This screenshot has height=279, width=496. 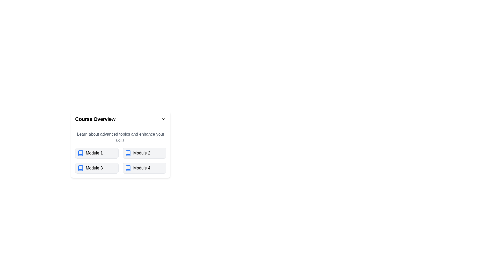 What do you see at coordinates (128, 153) in the screenshot?
I see `the icon representing 'Module 2', which is located on the left side of the 'Module 2' button in the grid of module buttons` at bounding box center [128, 153].